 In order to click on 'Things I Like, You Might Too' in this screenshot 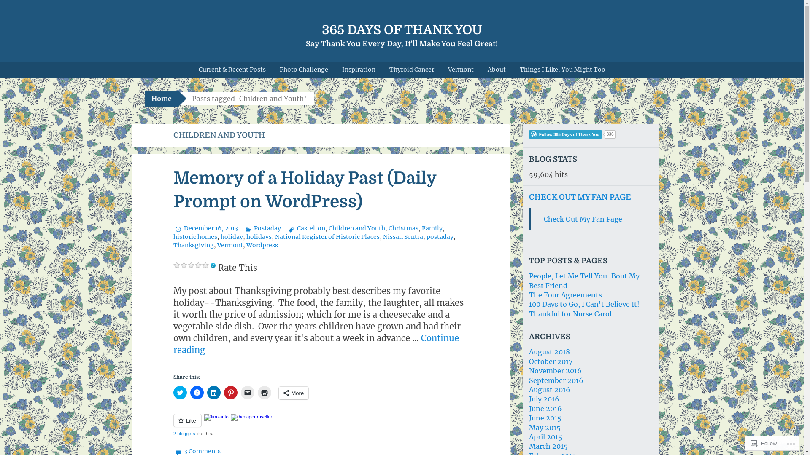, I will do `click(562, 69)`.